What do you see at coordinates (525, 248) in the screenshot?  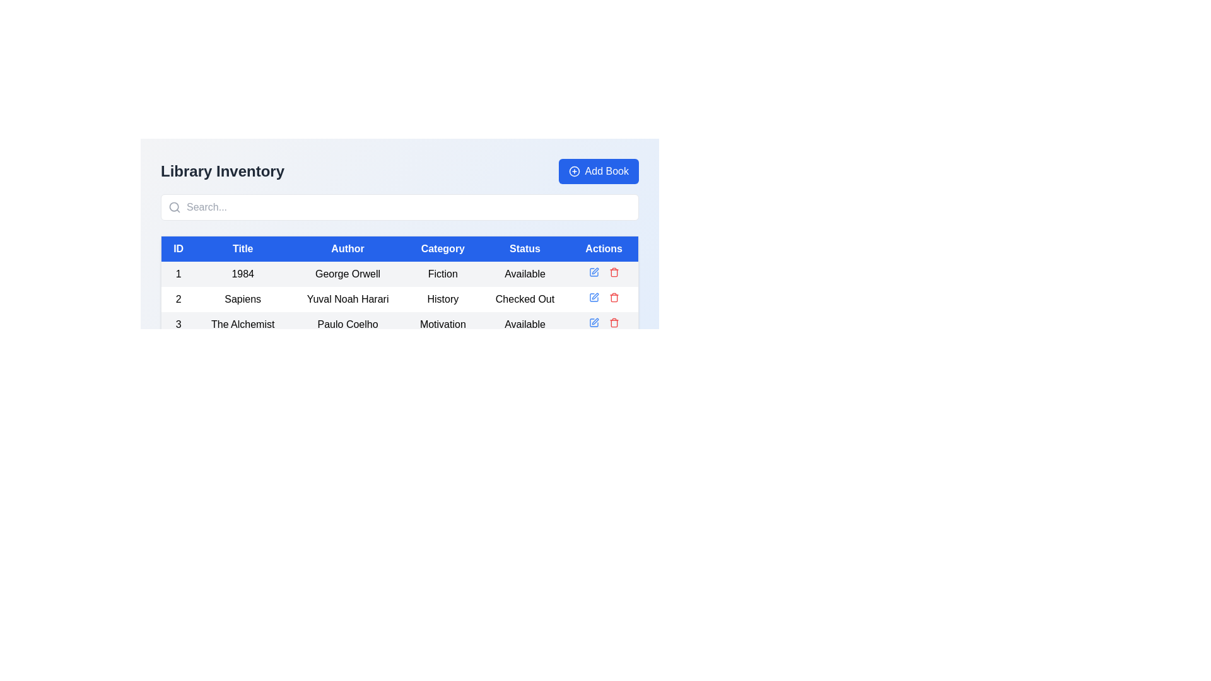 I see `the blue rectangular table header cell containing the white text 'Status', which is the fifth column header in the table` at bounding box center [525, 248].